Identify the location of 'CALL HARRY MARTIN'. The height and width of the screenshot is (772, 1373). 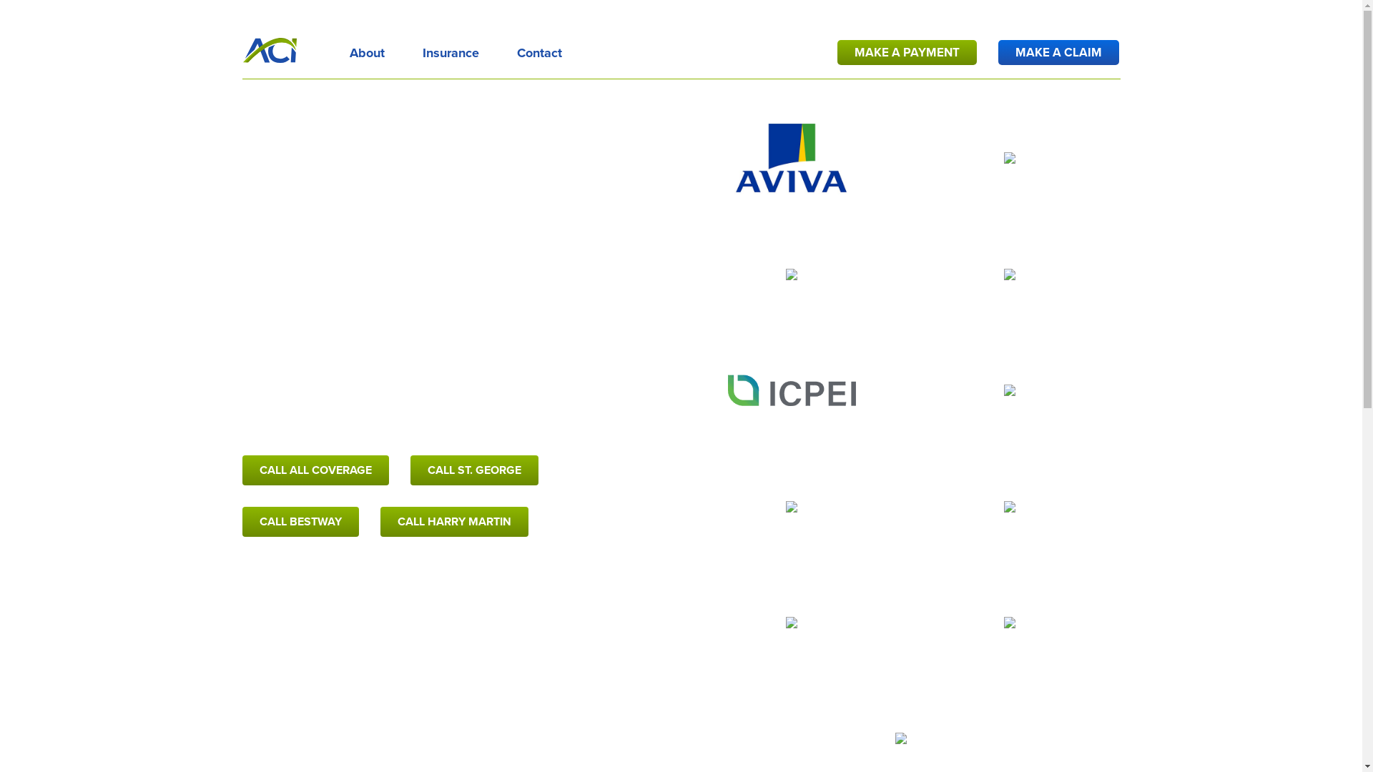
(453, 521).